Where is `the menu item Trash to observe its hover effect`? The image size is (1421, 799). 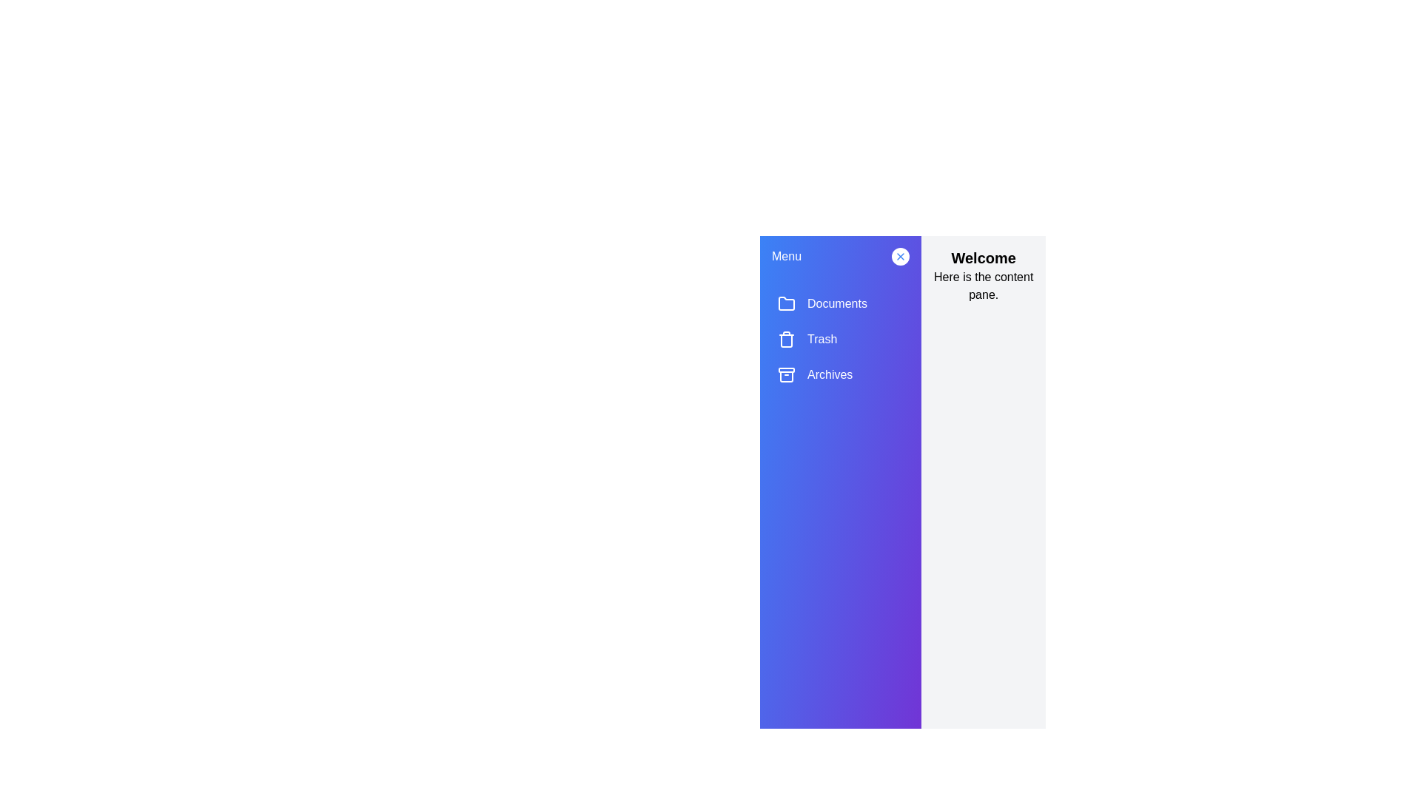
the menu item Trash to observe its hover effect is located at coordinates (841, 340).